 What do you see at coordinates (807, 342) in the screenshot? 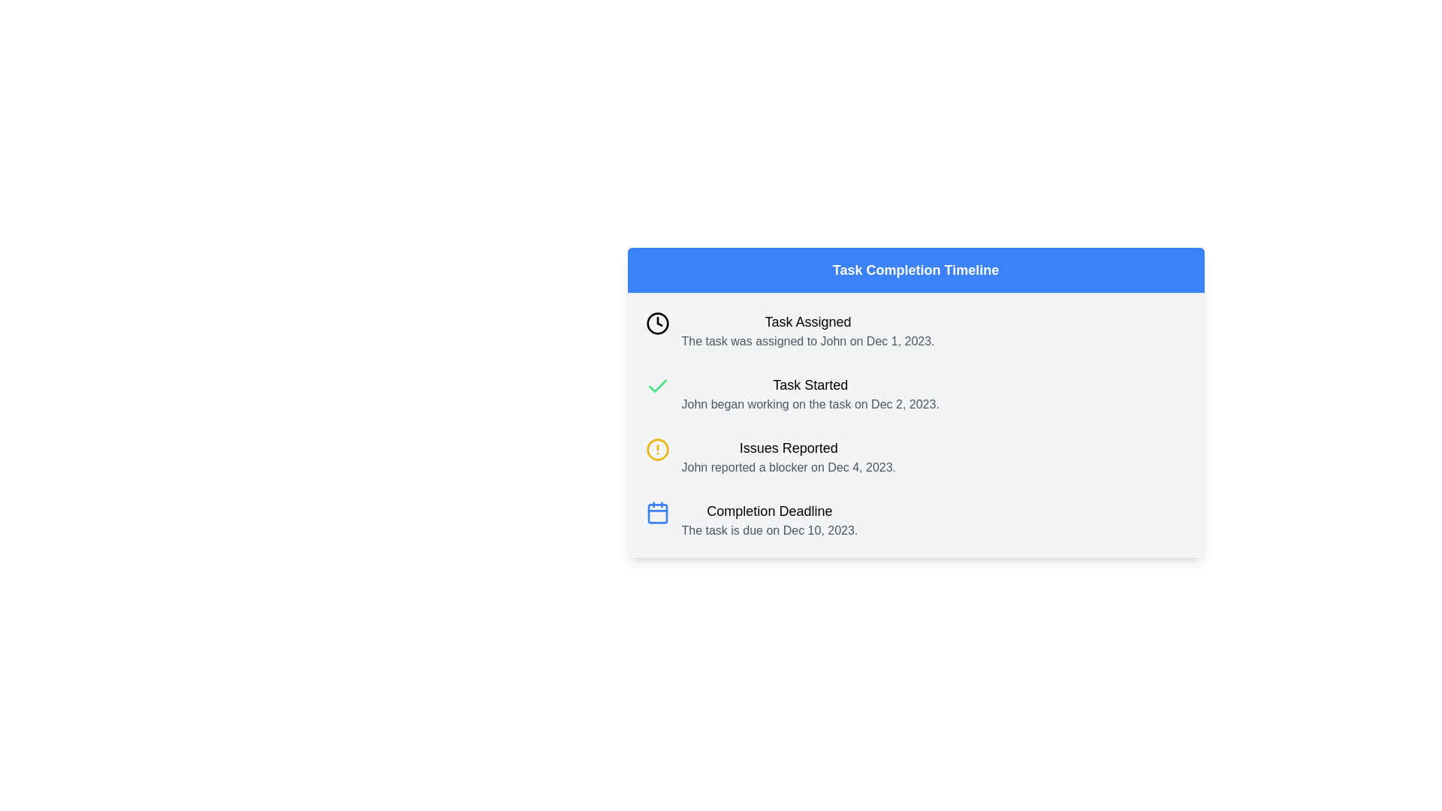
I see `the text element that reads 'The task was assigned to John on Dec 1, 2023.', which is styled in gray and located below the 'Task Assigned' heading` at bounding box center [807, 342].